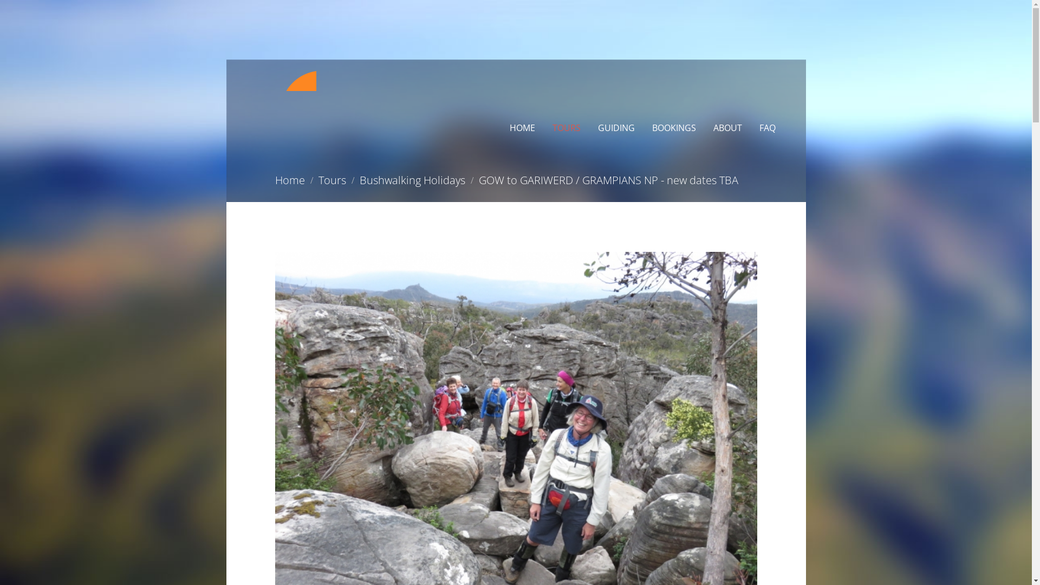  What do you see at coordinates (290, 179) in the screenshot?
I see `'Home'` at bounding box center [290, 179].